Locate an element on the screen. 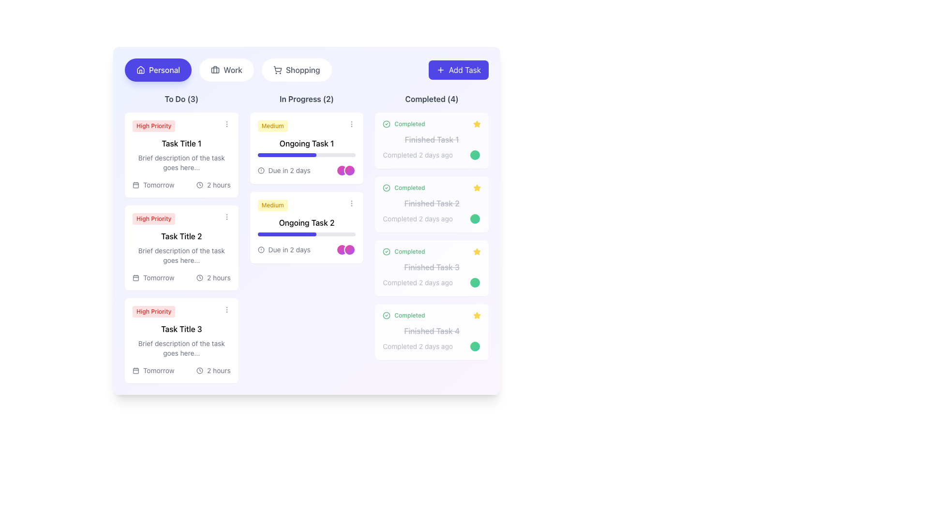 The width and height of the screenshot is (929, 522). the completed task card located in the 'Completed' column, which is the second card among four is located at coordinates (431, 204).